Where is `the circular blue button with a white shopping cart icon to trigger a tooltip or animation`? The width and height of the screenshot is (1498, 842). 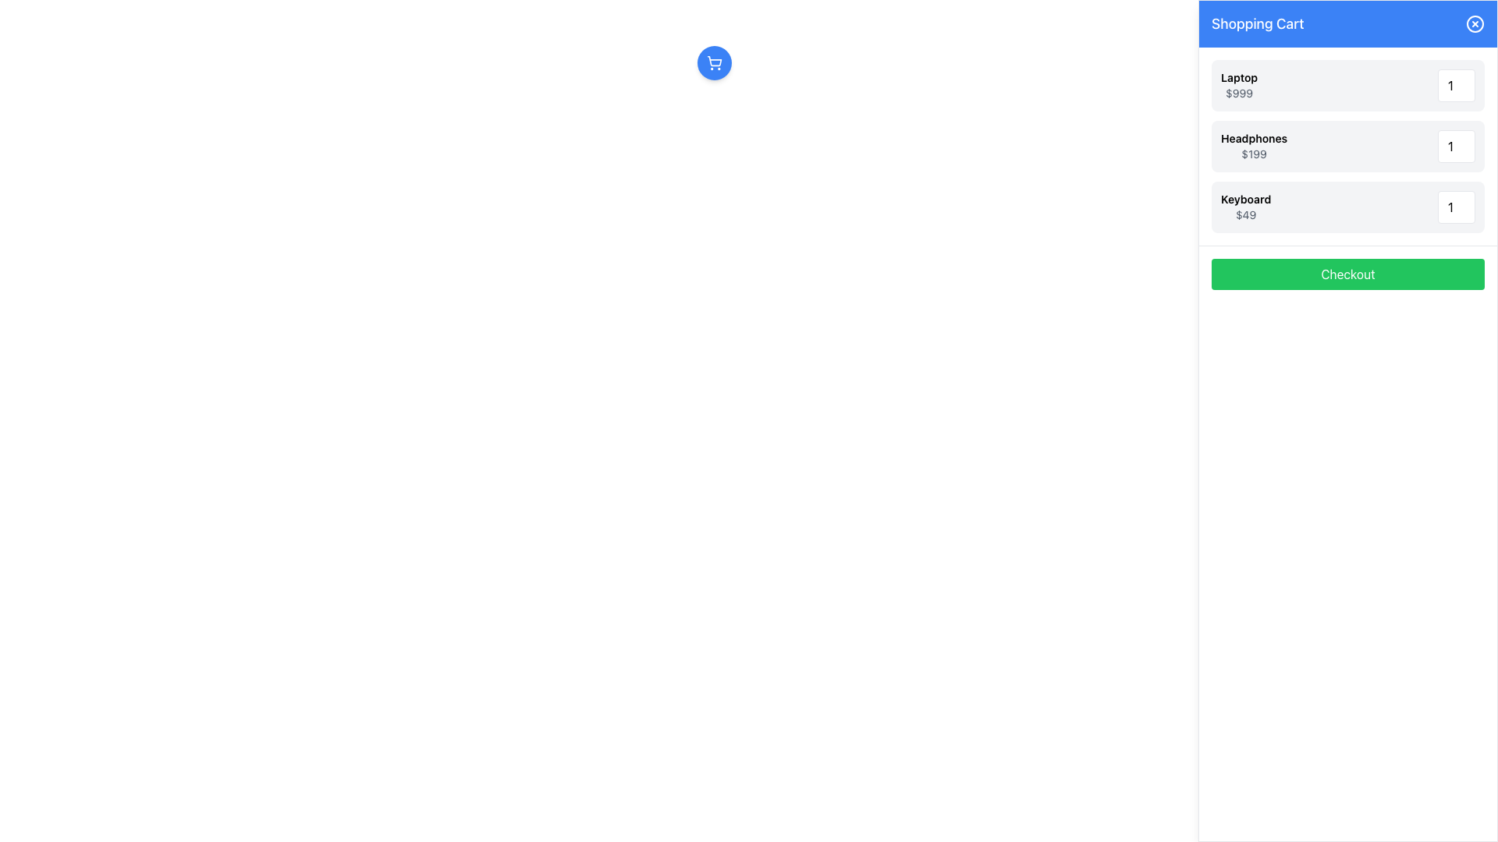
the circular blue button with a white shopping cart icon to trigger a tooltip or animation is located at coordinates (713, 62).